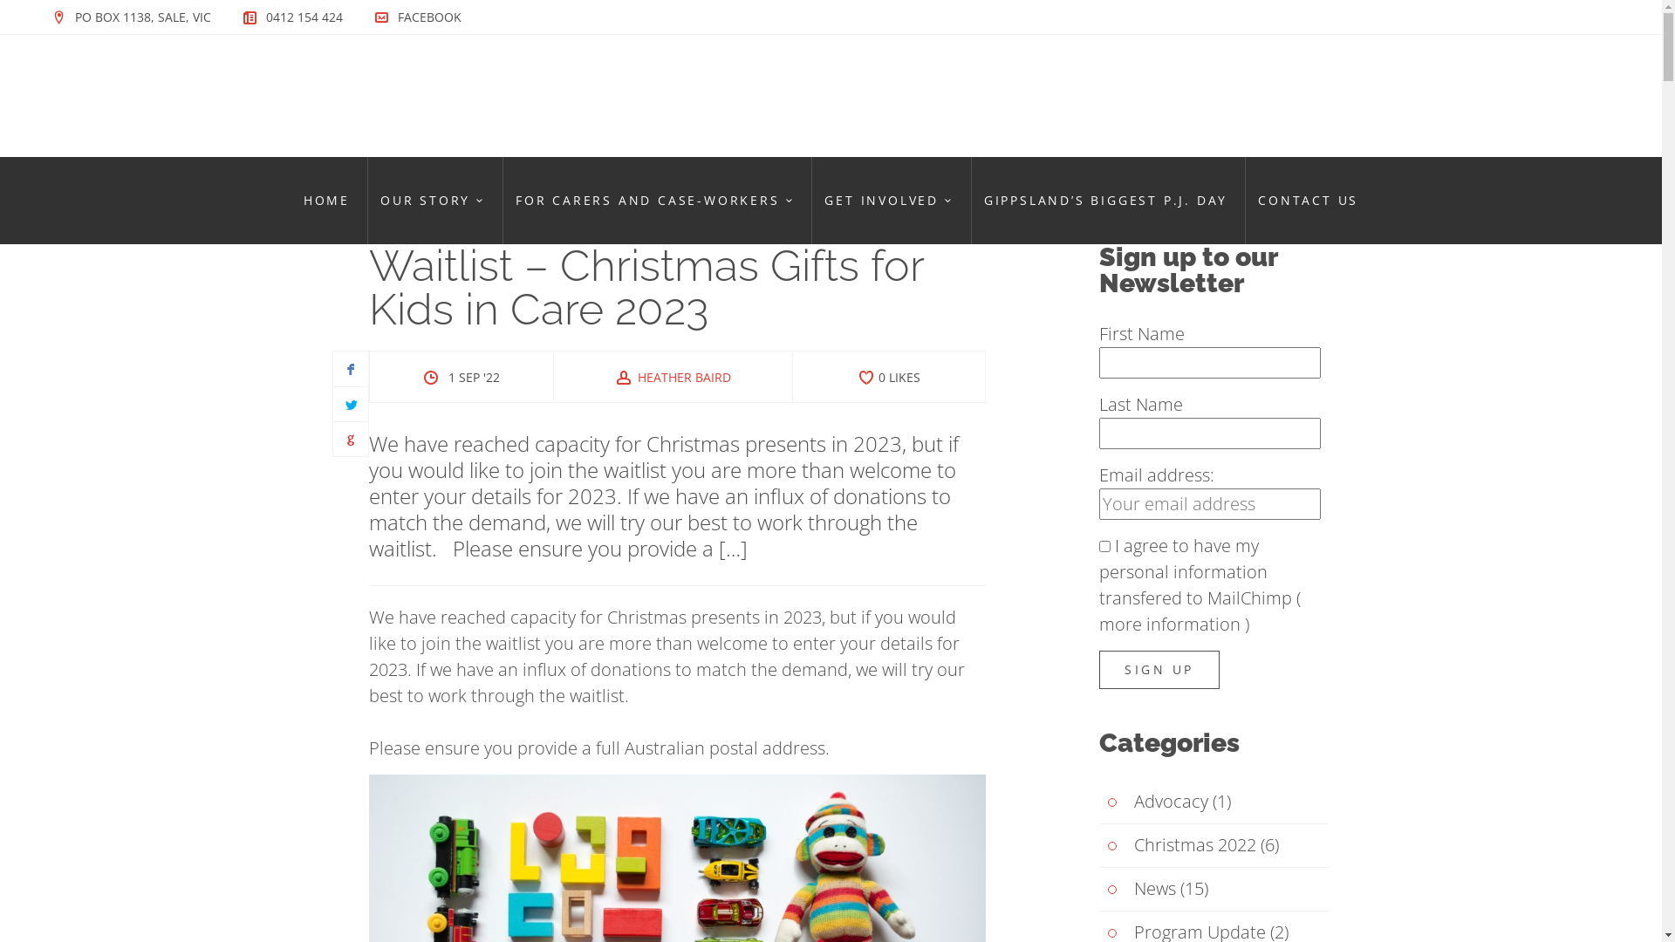 Image resolution: width=1675 pixels, height=942 pixels. I want to click on 'Christmas 2022', so click(1177, 844).